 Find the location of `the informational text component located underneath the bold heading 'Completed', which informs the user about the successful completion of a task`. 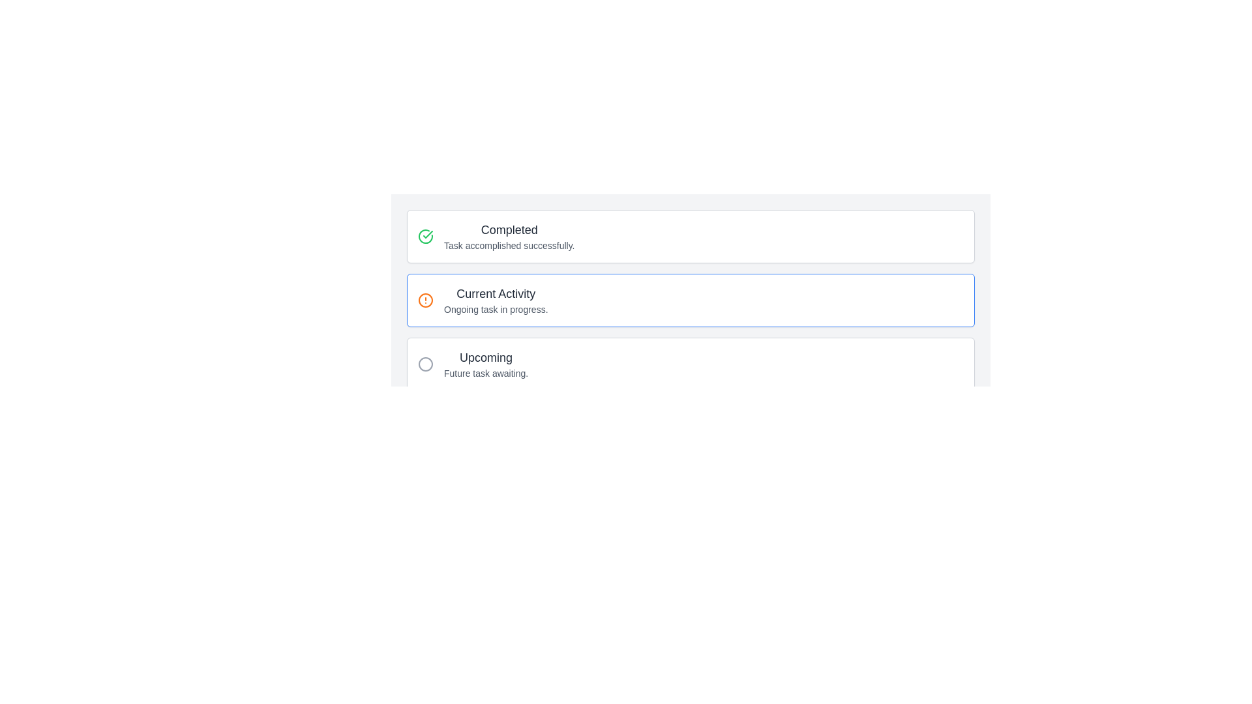

the informational text component located underneath the bold heading 'Completed', which informs the user about the successful completion of a task is located at coordinates (509, 246).